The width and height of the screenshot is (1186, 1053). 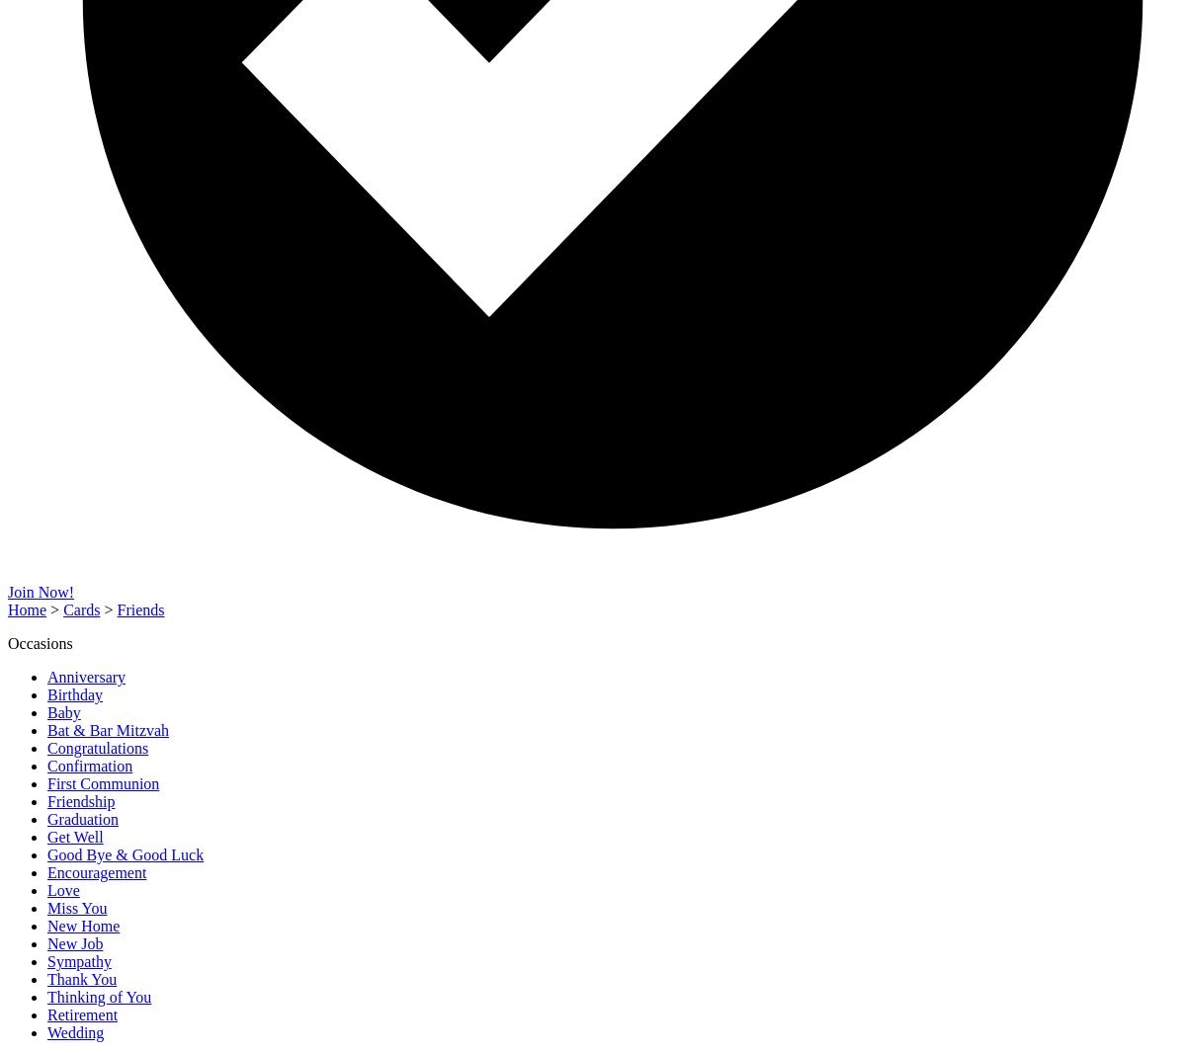 What do you see at coordinates (108, 729) in the screenshot?
I see `'Bat & Bar Mitzvah'` at bounding box center [108, 729].